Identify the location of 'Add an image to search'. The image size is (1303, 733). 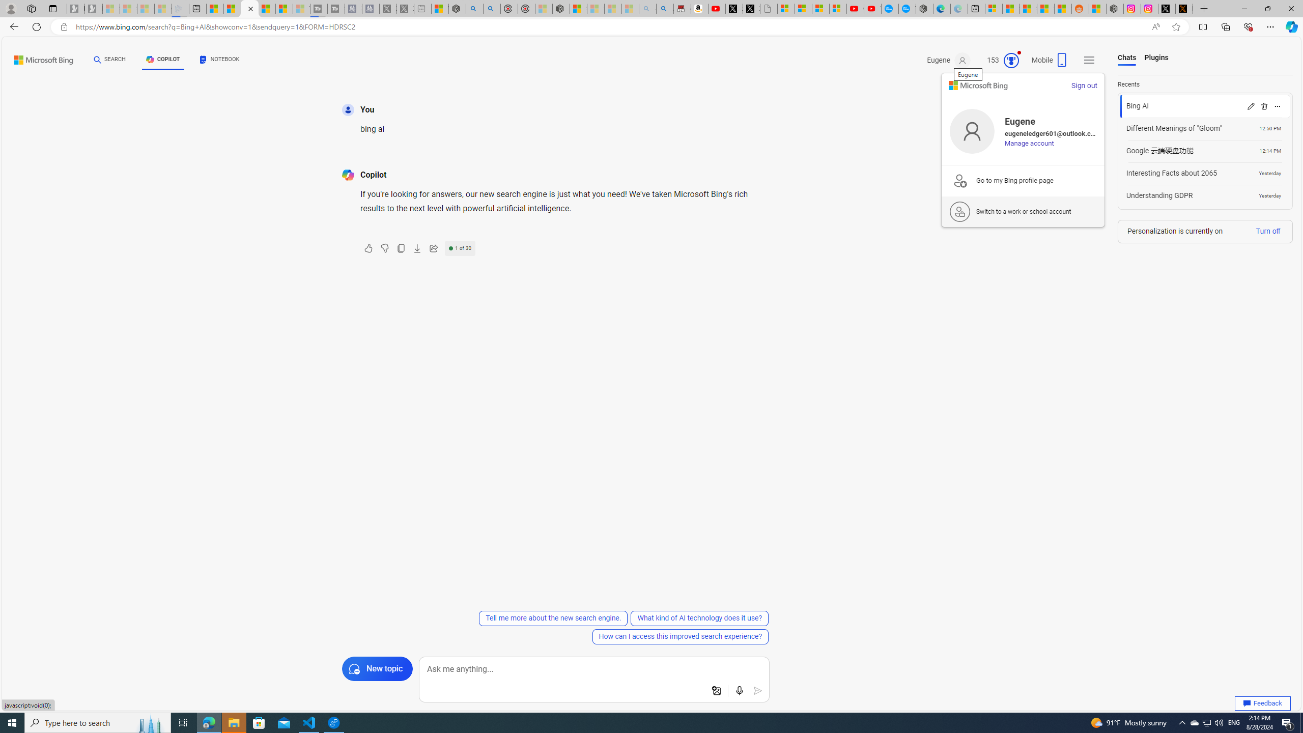
(716, 690).